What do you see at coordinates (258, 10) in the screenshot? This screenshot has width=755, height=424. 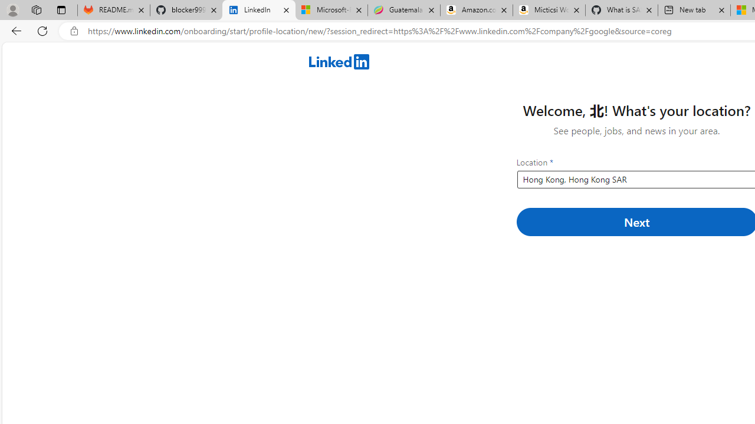 I see `'LinkedIn'` at bounding box center [258, 10].